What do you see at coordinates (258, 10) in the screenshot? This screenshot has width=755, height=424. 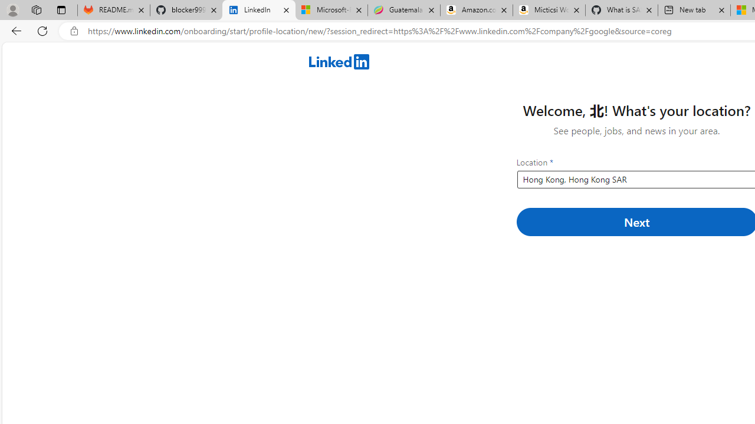 I see `'LinkedIn'` at bounding box center [258, 10].